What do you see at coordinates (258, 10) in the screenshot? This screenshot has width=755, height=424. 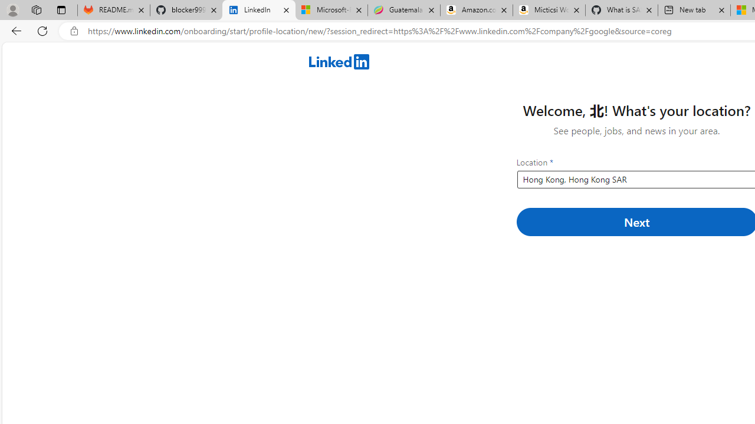 I see `'LinkedIn'` at bounding box center [258, 10].